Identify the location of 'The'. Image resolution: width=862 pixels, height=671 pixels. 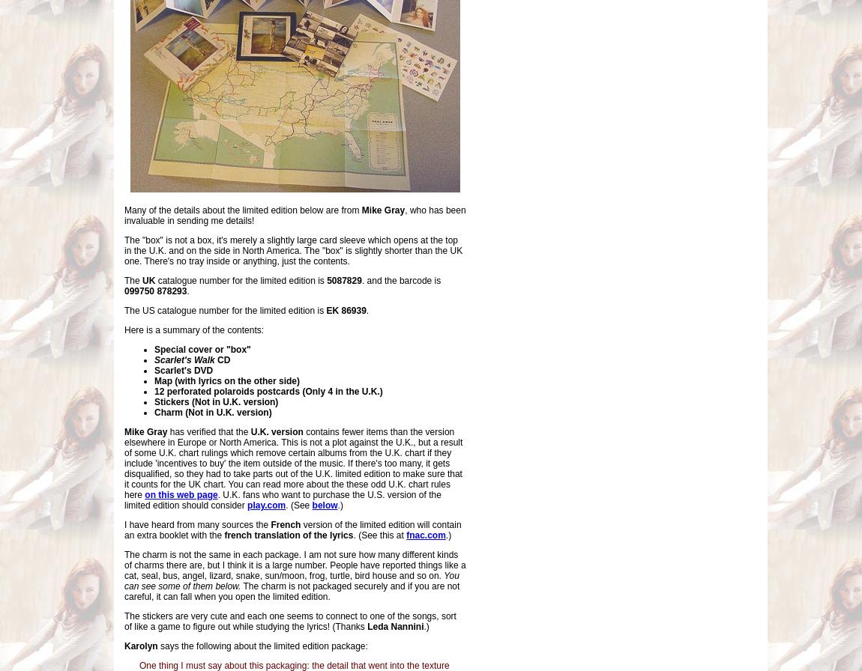
(133, 280).